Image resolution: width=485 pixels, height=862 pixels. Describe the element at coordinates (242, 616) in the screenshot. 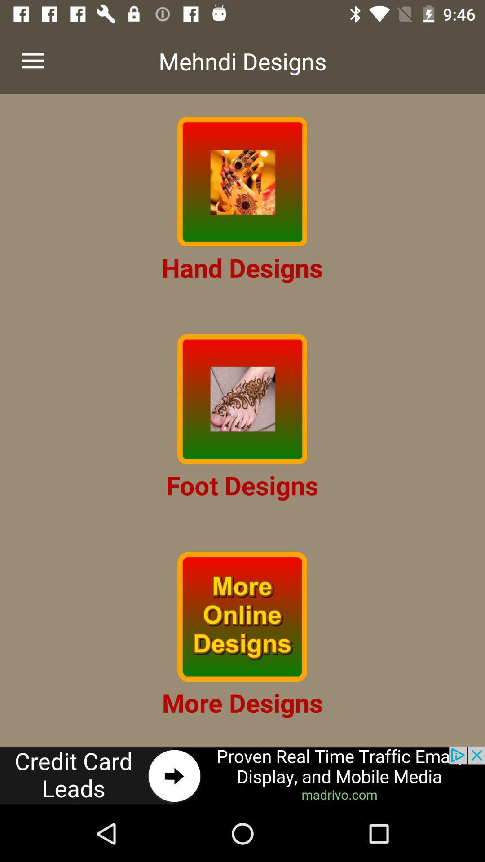

I see `acess more online designs` at that location.